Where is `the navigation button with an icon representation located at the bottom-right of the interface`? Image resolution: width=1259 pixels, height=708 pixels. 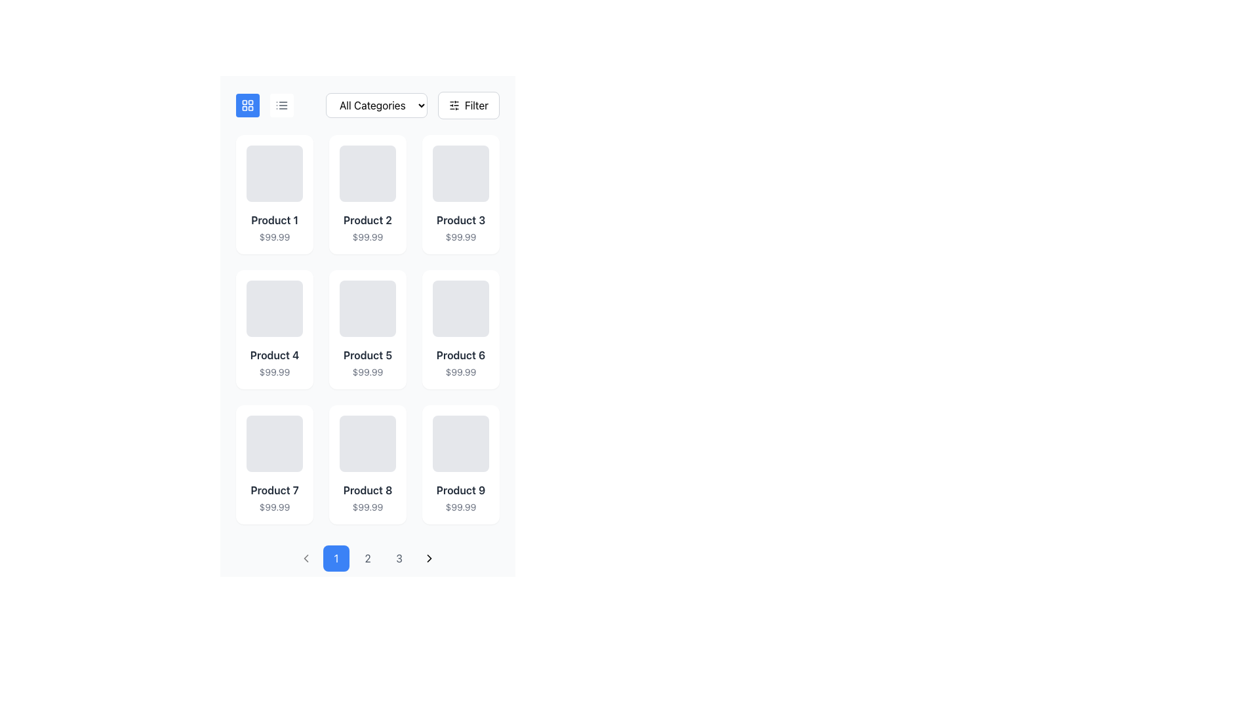
the navigation button with an icon representation located at the bottom-right of the interface is located at coordinates (429, 559).